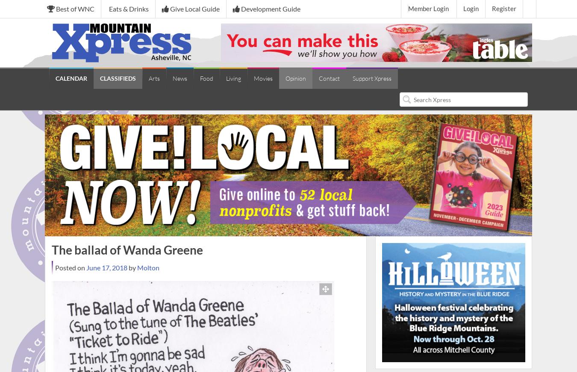 The width and height of the screenshot is (577, 372). What do you see at coordinates (285, 78) in the screenshot?
I see `'Opinion'` at bounding box center [285, 78].